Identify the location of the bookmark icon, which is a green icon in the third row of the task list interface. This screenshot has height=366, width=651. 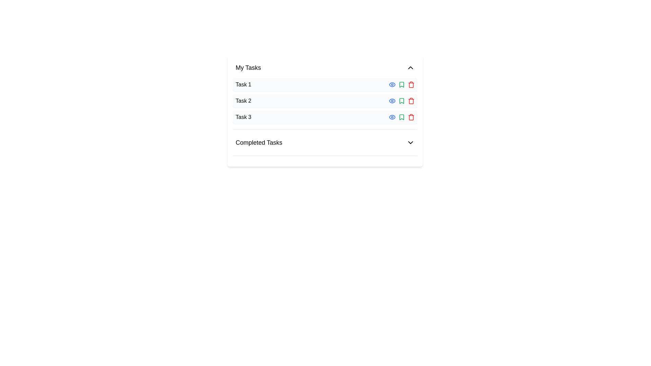
(402, 117).